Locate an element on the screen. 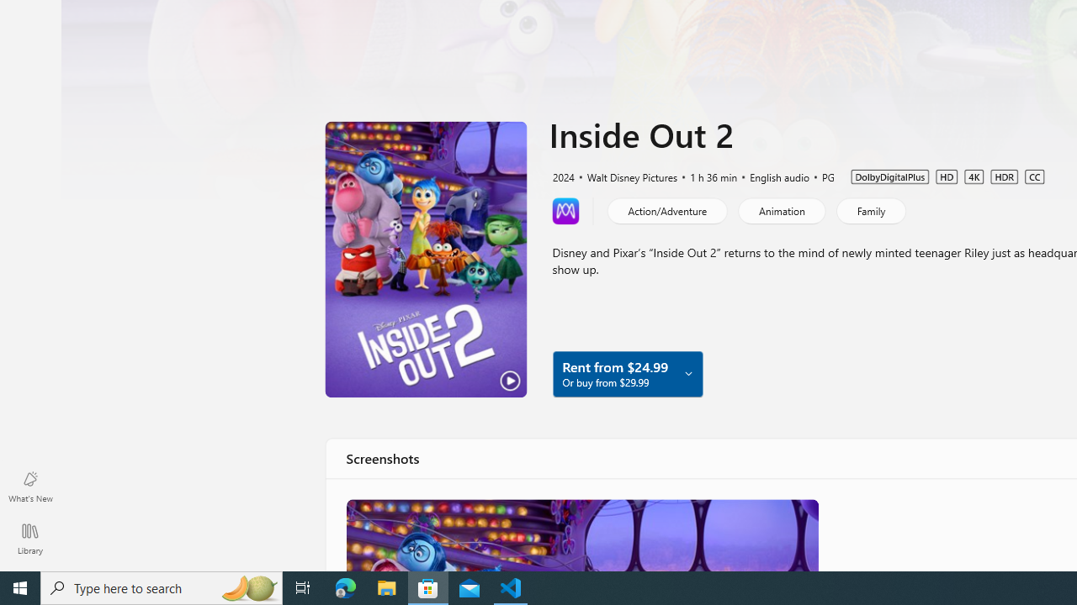 This screenshot has width=1077, height=605. '2024' is located at coordinates (562, 176).